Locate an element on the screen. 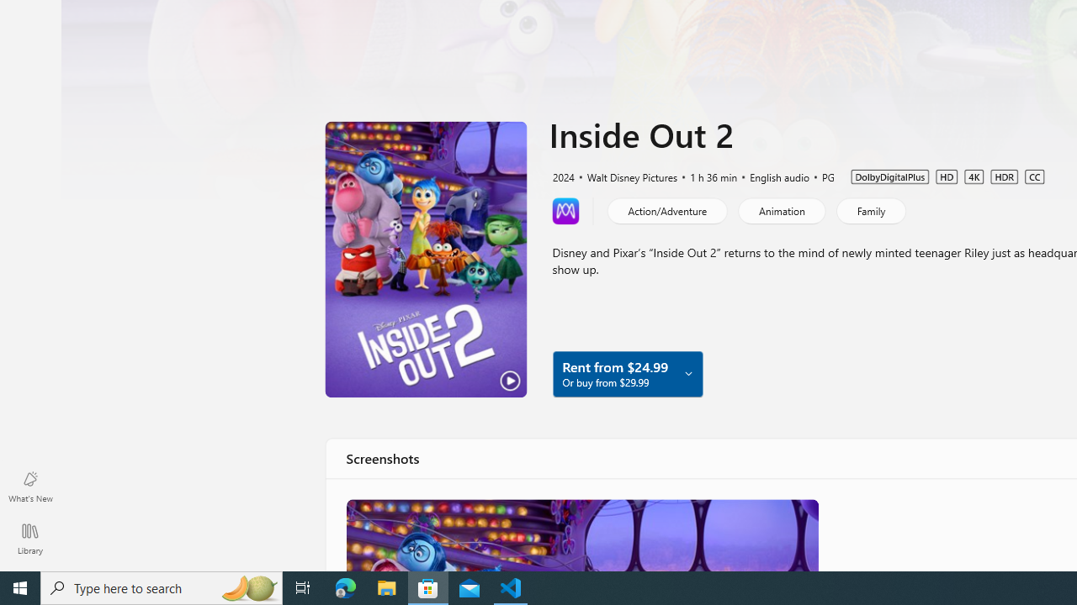 This screenshot has width=1077, height=605. '2024' is located at coordinates (562, 176).